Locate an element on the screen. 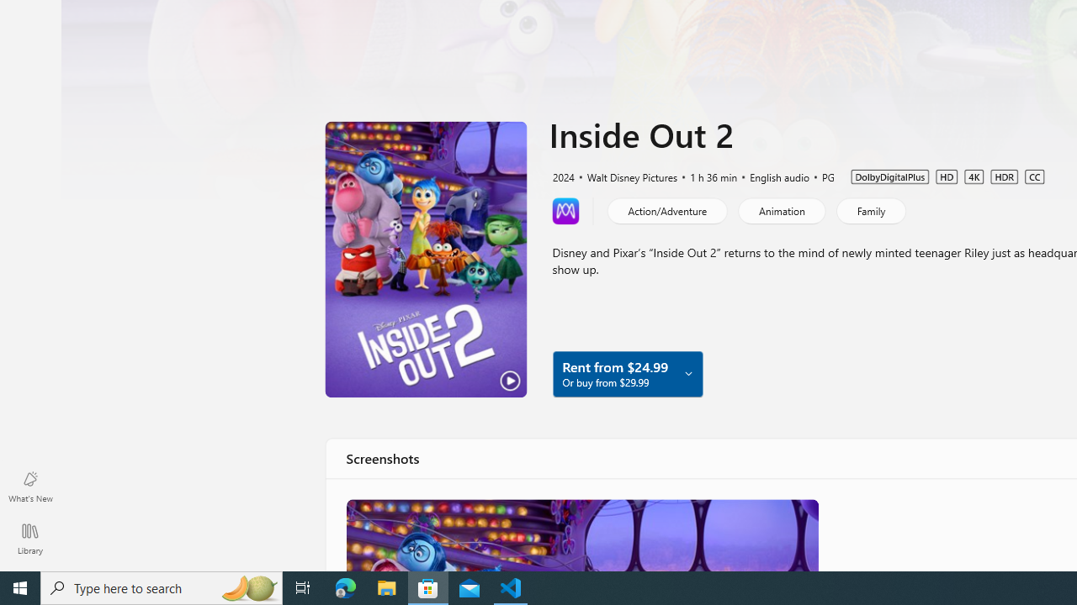 This screenshot has width=1077, height=605. '2024' is located at coordinates (562, 176).